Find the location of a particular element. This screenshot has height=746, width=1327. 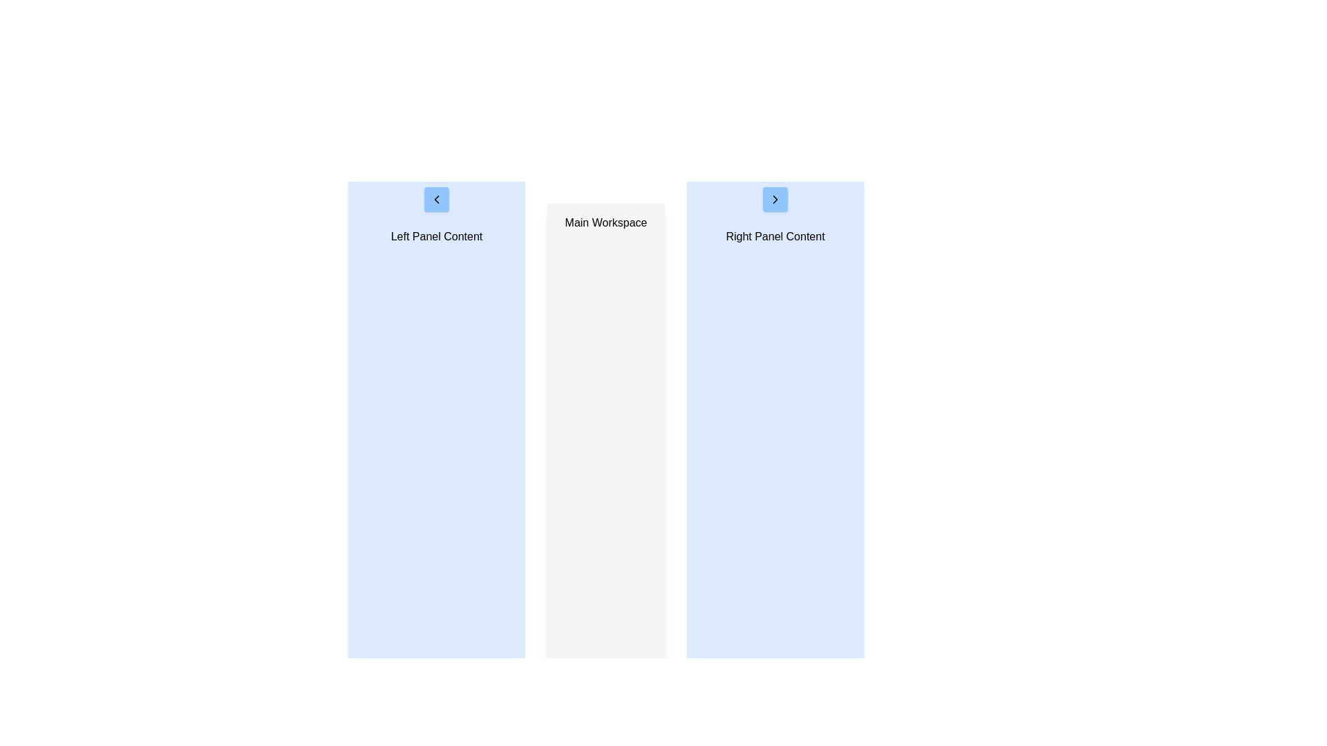

the chevron-shaped graphical icon located at the top center of the right panel is located at coordinates (775, 200).